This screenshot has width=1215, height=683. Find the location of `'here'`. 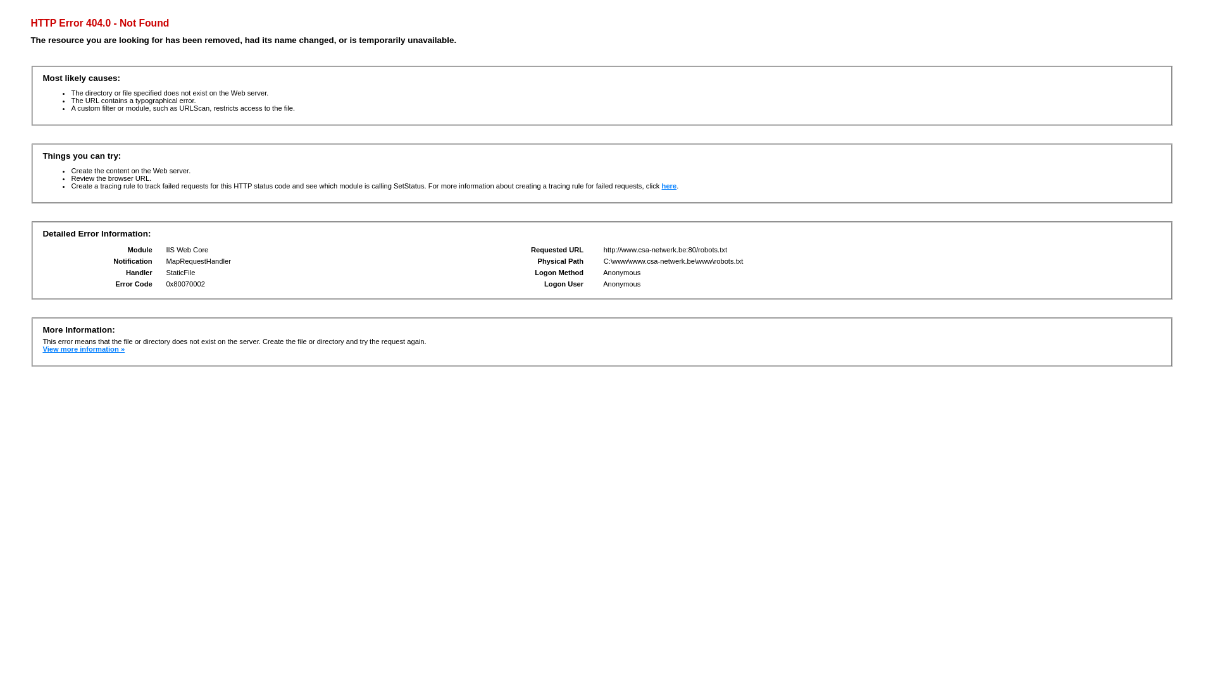

'here' is located at coordinates (668, 185).